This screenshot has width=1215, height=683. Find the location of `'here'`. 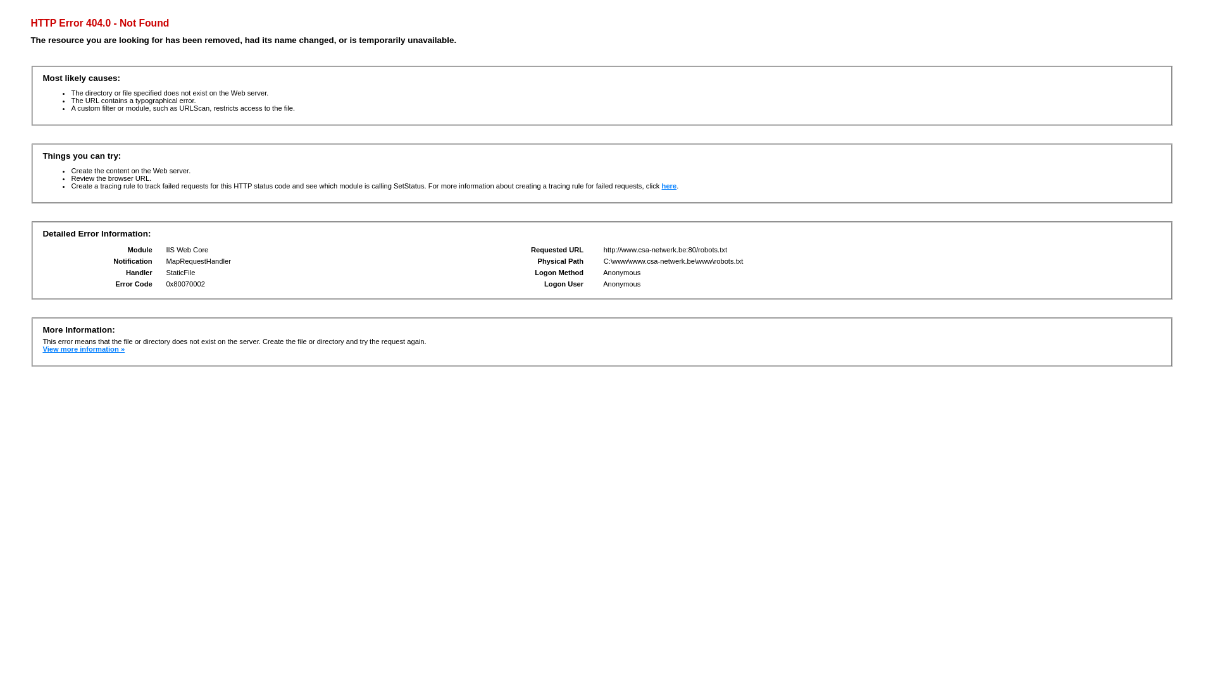

'here' is located at coordinates (668, 185).